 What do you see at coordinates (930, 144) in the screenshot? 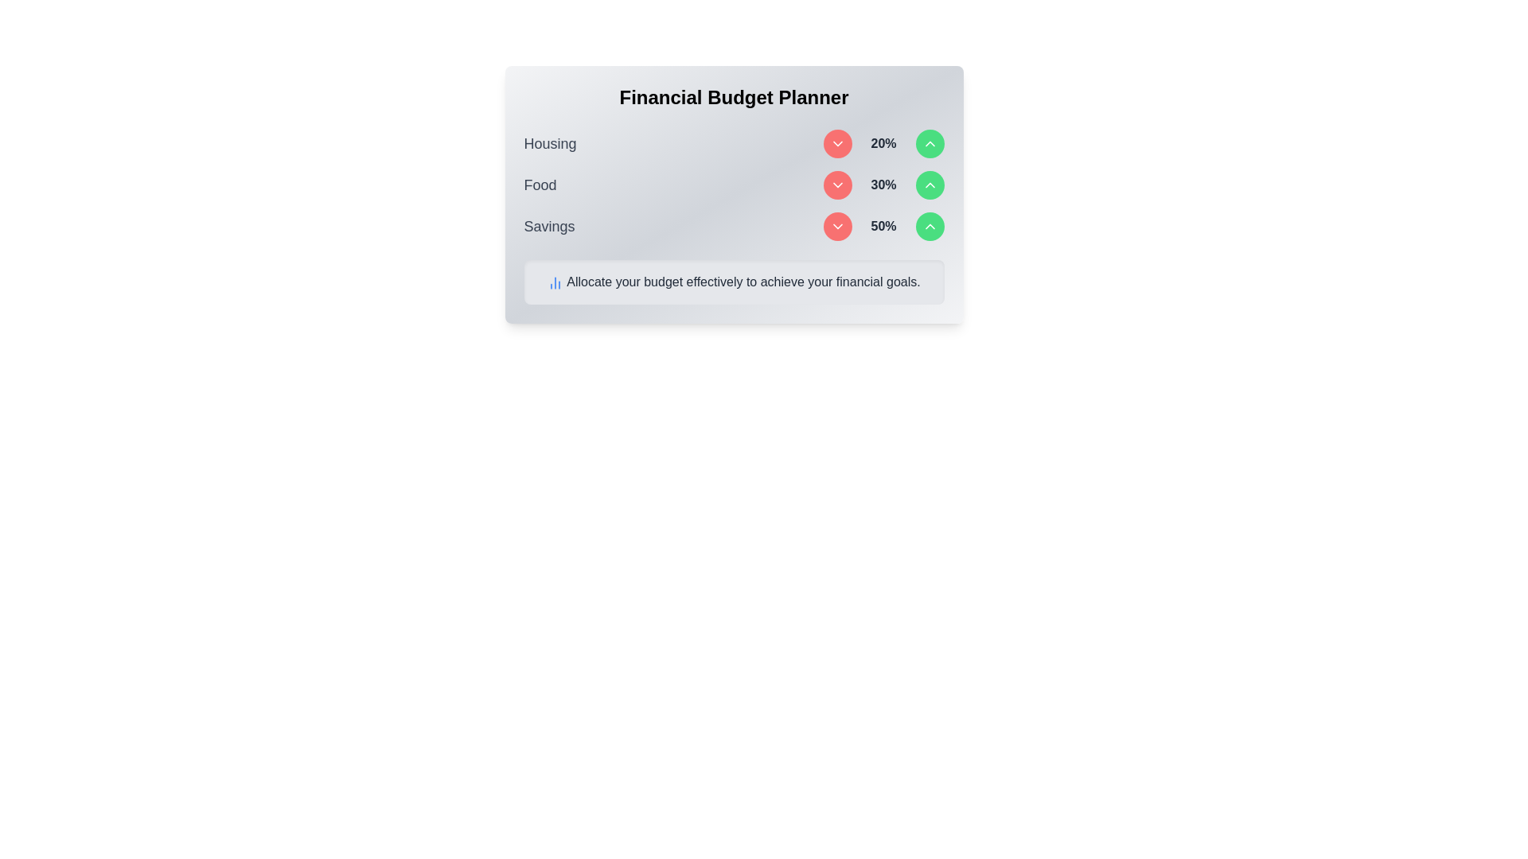
I see `the Icon button located in the rightmost column of the 'Savings' row, which is associated with incrementing or navigating upwards, positioned next to the '50%' percentage indicator` at bounding box center [930, 144].